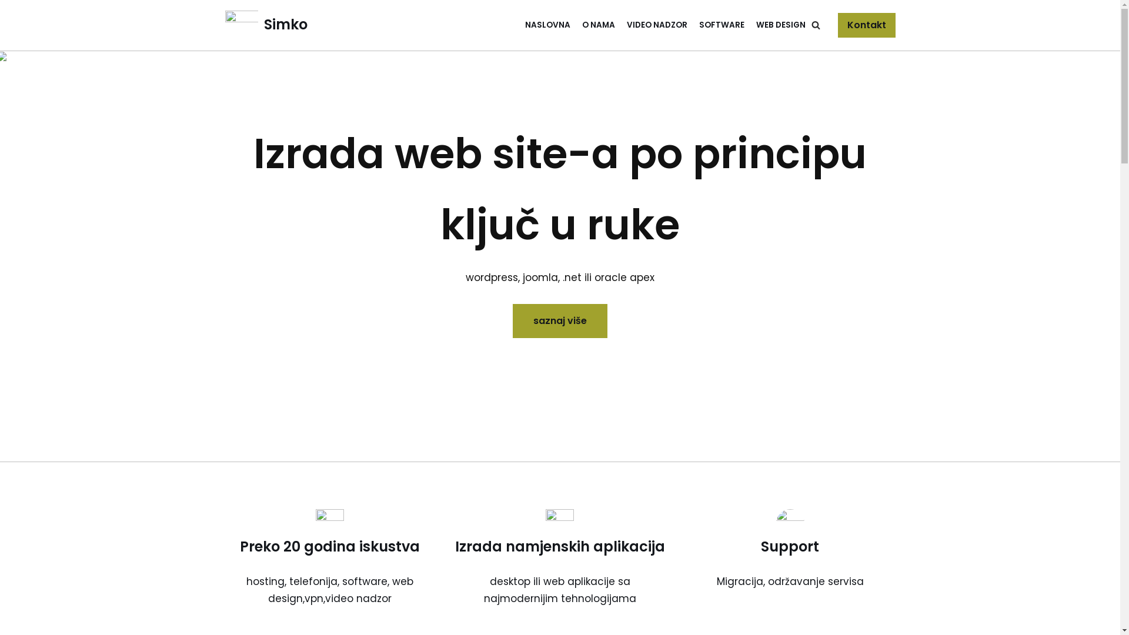  What do you see at coordinates (781, 25) in the screenshot?
I see `'WEB DESIGN'` at bounding box center [781, 25].